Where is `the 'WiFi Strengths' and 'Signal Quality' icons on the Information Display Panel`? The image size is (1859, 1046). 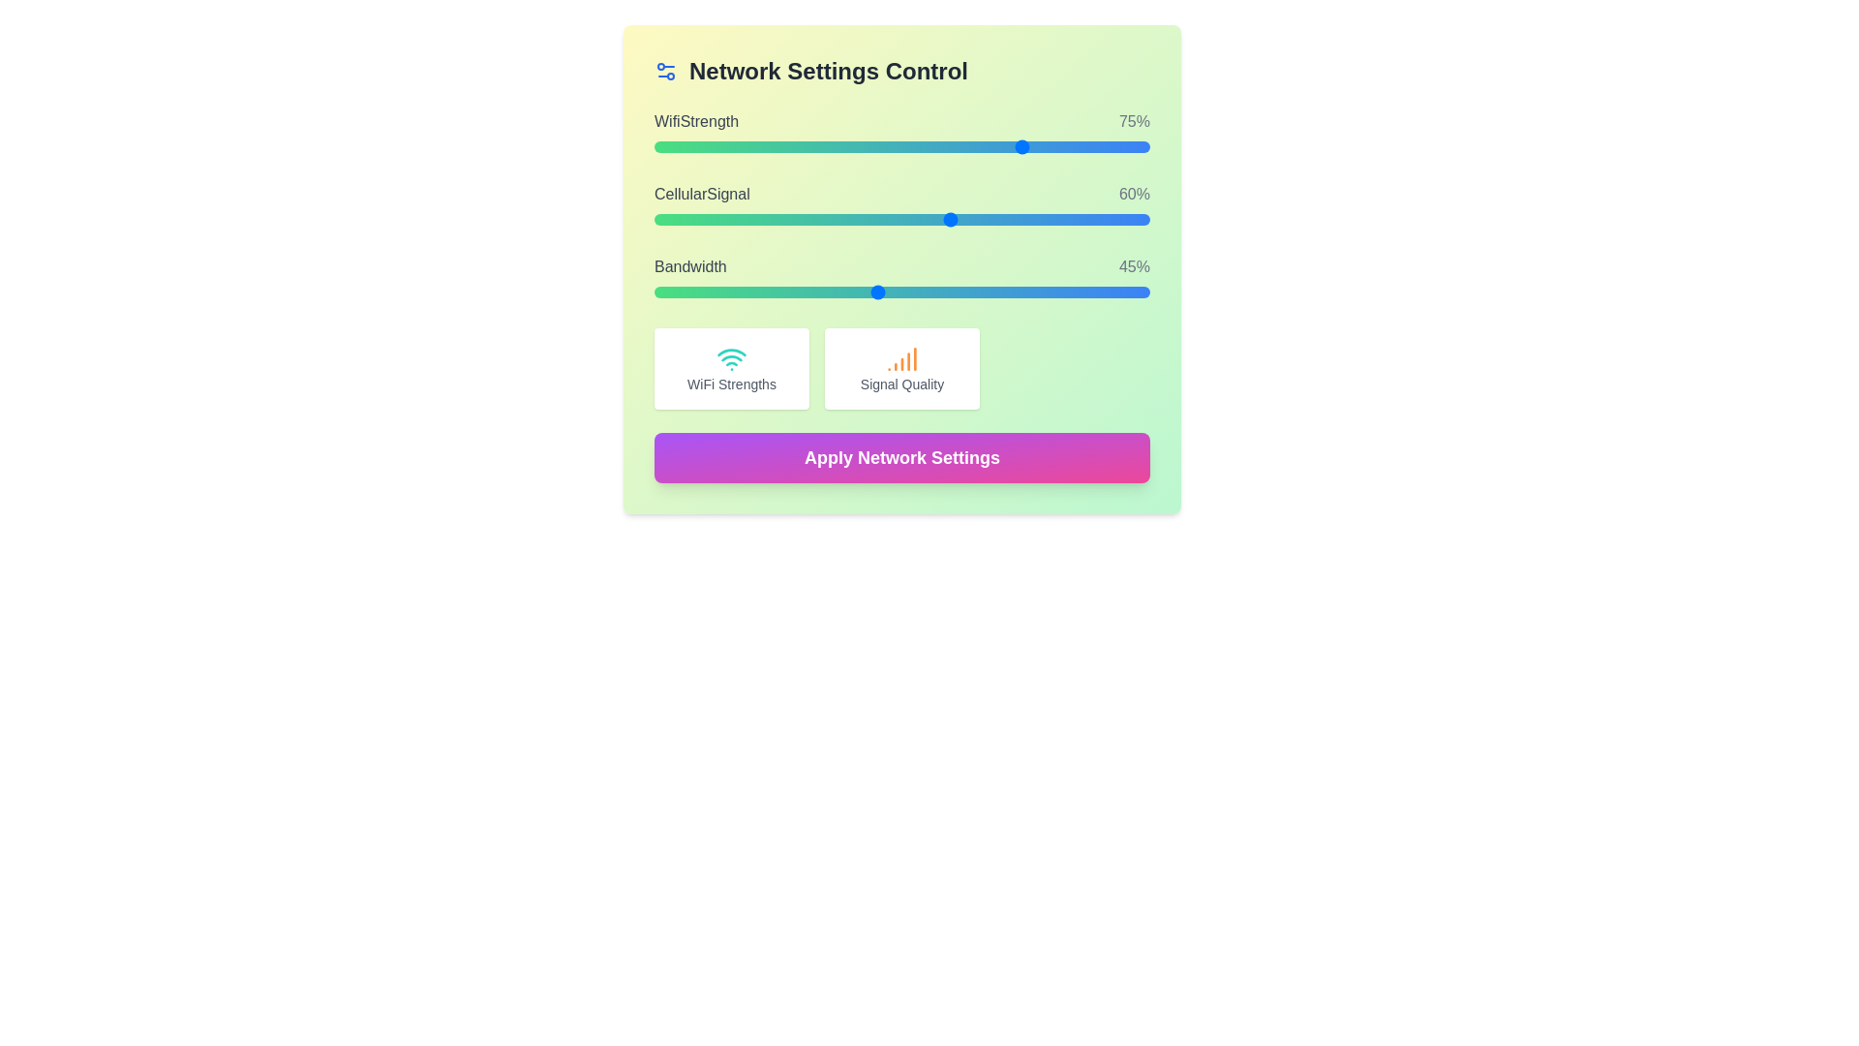 the 'WiFi Strengths' and 'Signal Quality' icons on the Information Display Panel is located at coordinates (900, 369).